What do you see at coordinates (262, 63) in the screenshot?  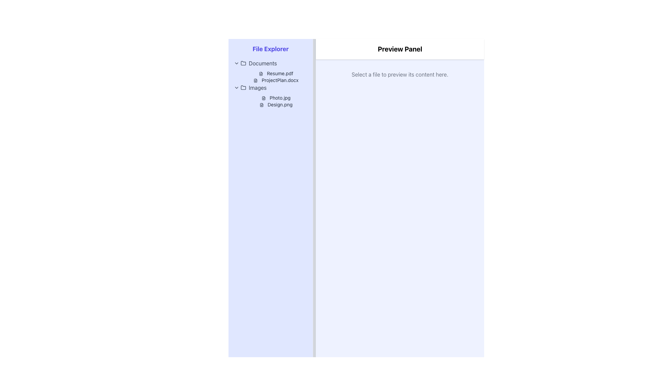 I see `the 'Documents' text label in the File Explorer navigation panel` at bounding box center [262, 63].